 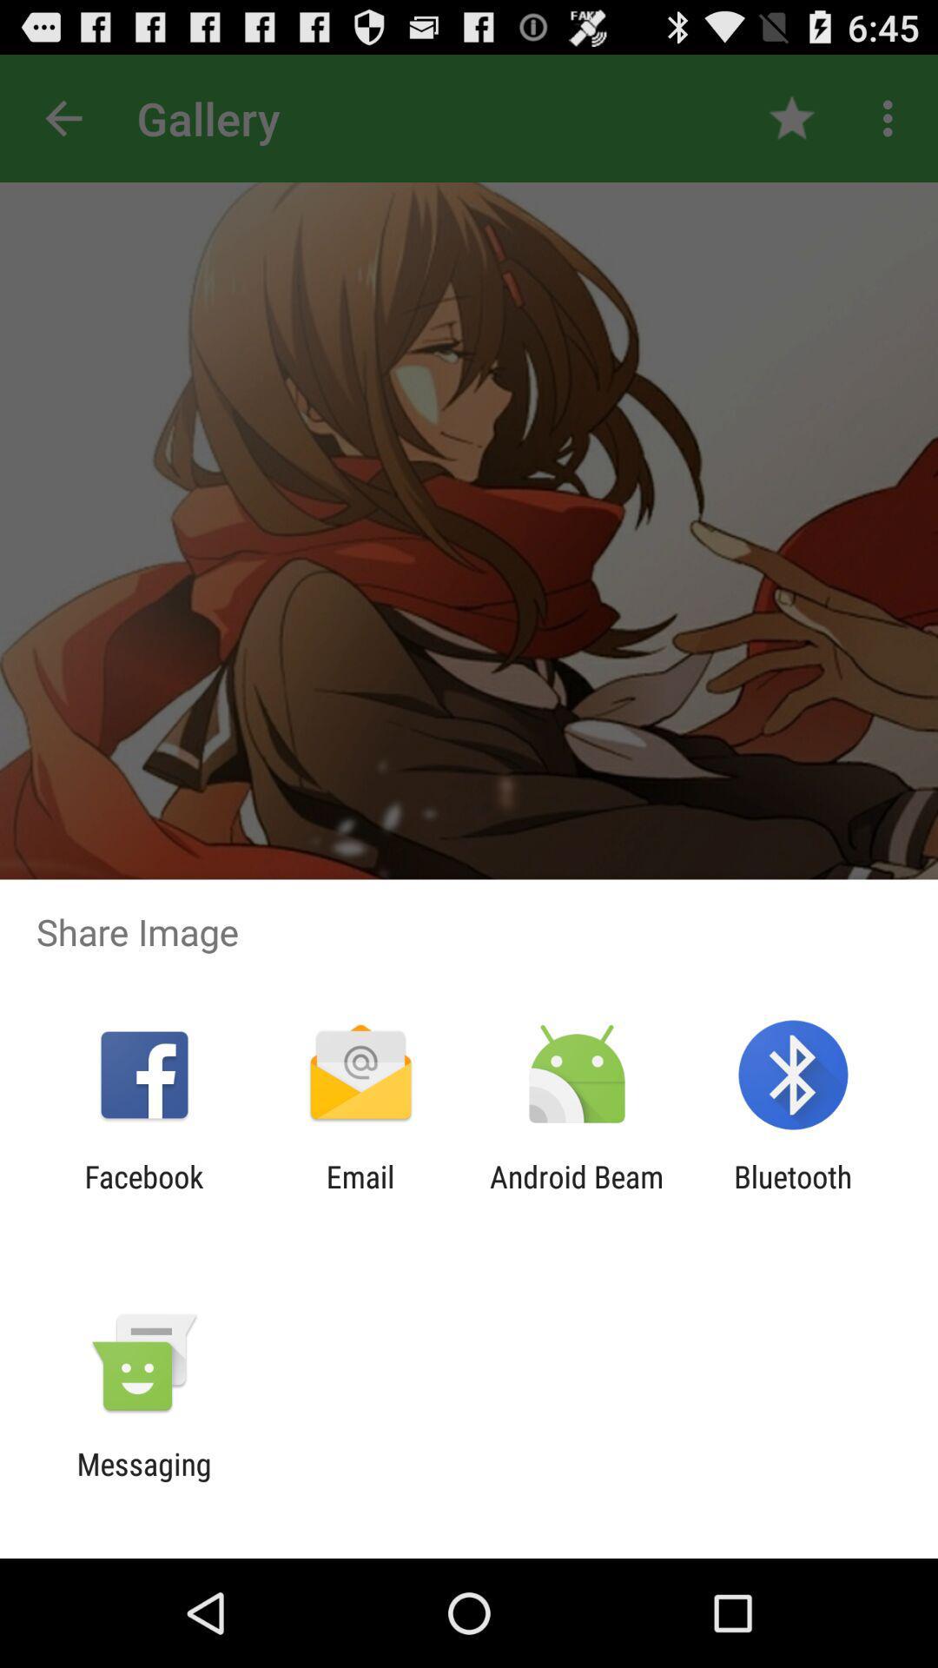 I want to click on item to the right of facebook item, so click(x=360, y=1194).